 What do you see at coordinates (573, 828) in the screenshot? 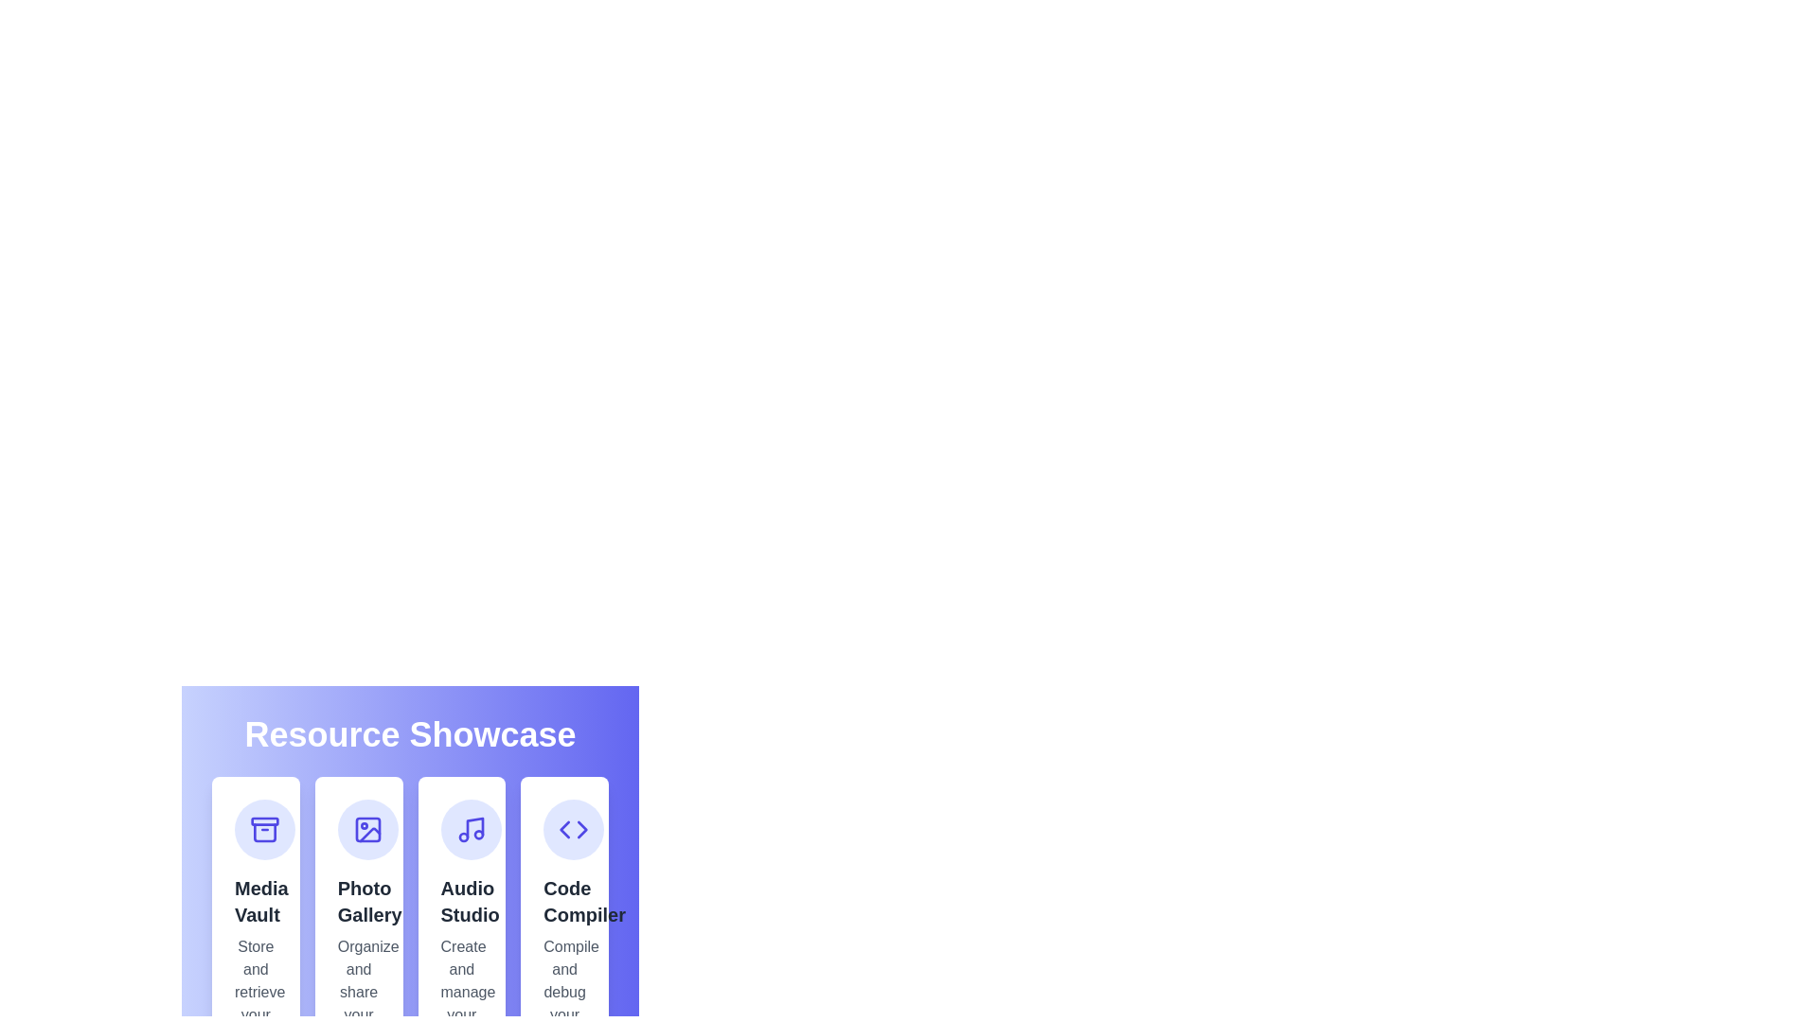
I see `the decorative icon representing the 'Code Compiler' functionality, which is positioned above the title 'Code Compiler' in the 'Resource Showcase' section` at bounding box center [573, 828].